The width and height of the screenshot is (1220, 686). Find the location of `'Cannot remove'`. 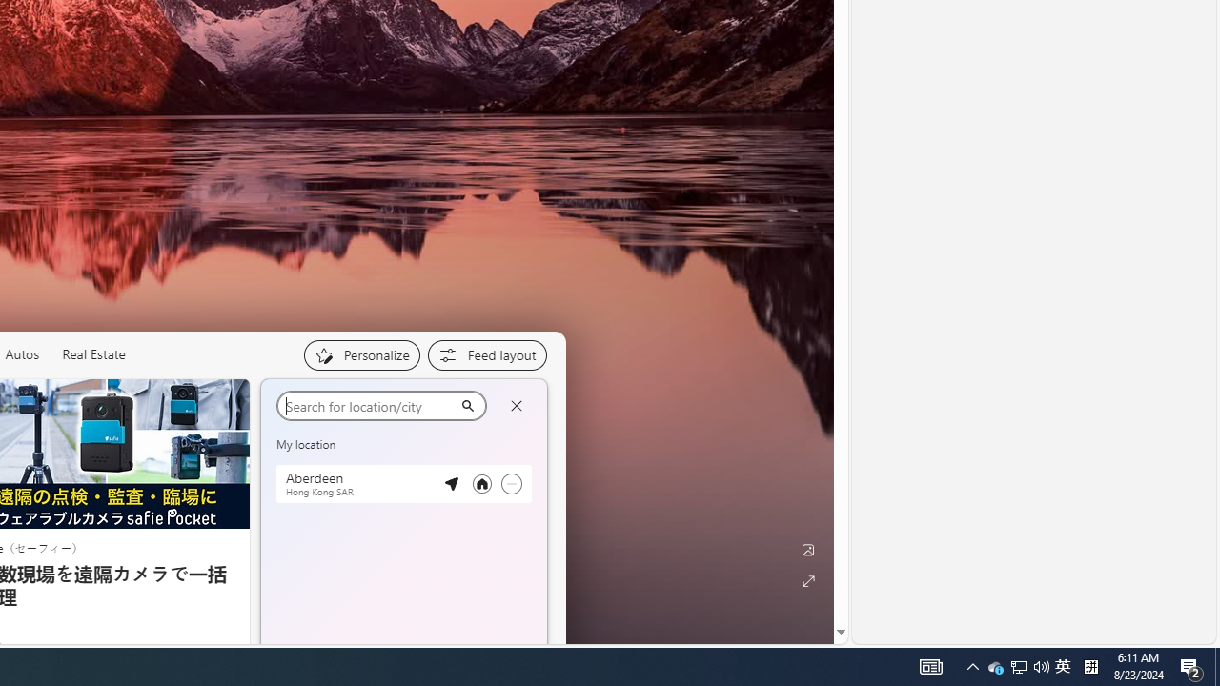

'Cannot remove' is located at coordinates (511, 482).